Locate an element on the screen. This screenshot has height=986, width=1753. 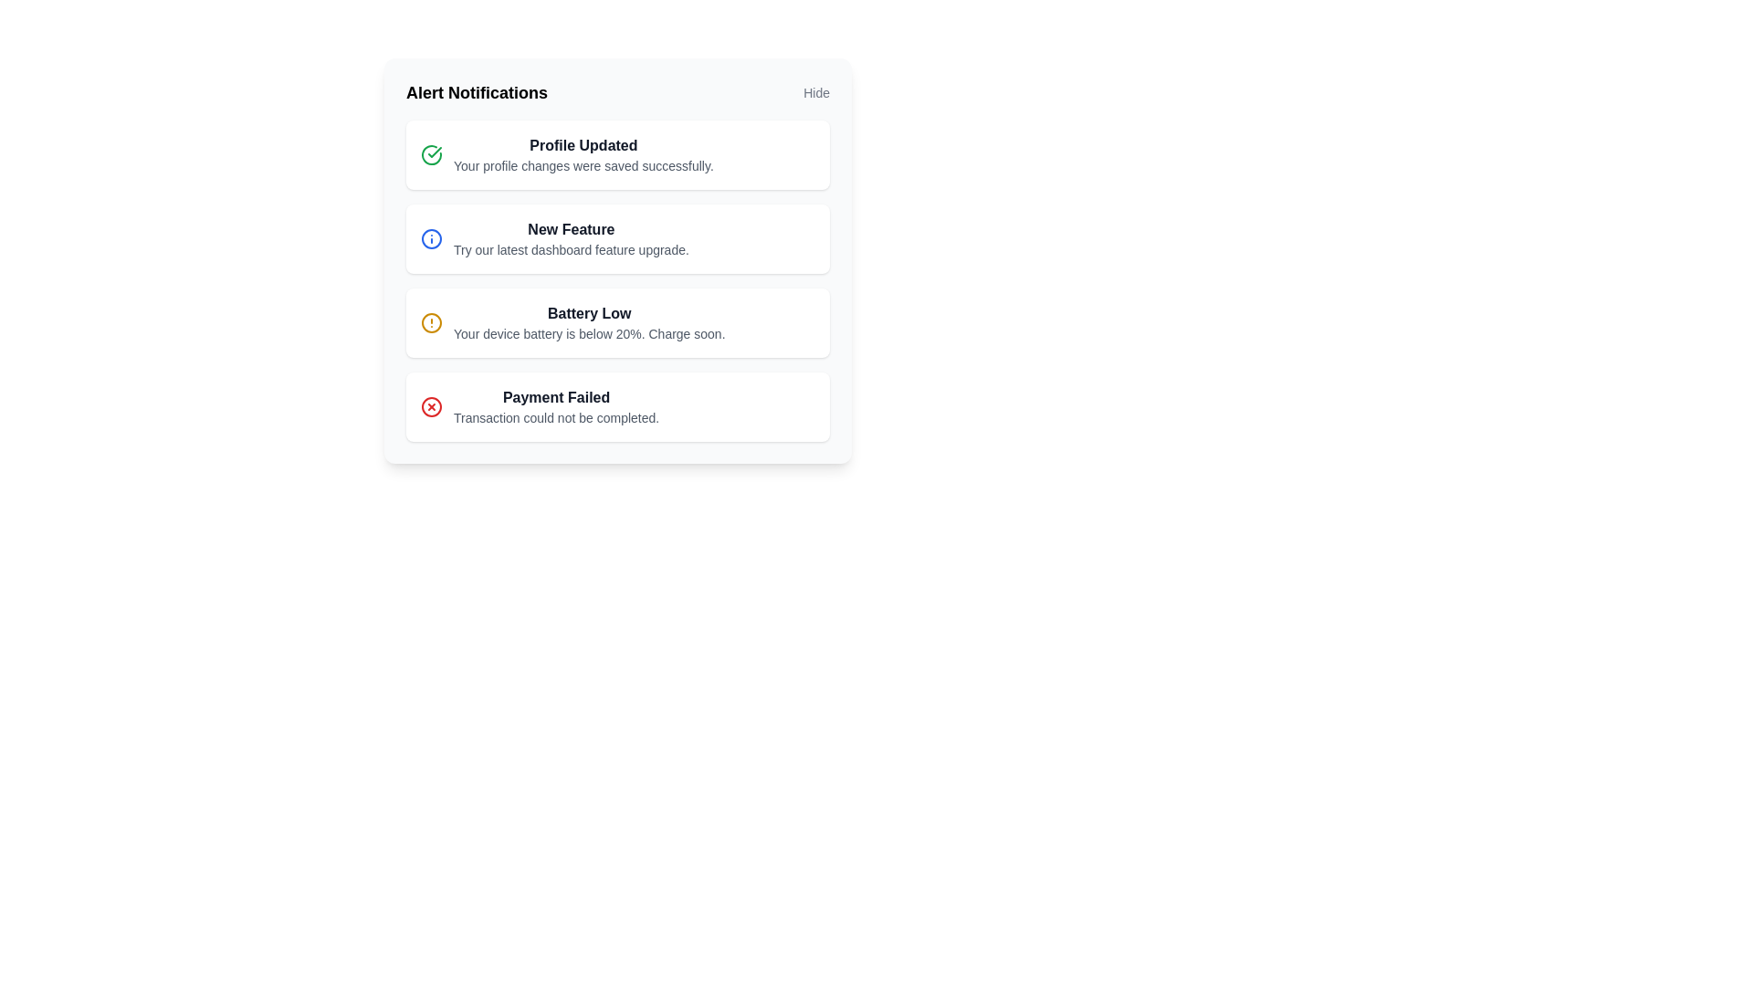
the button located at the top-right corner of the notification panel to hide or collapse the notification panel is located at coordinates (815, 92).